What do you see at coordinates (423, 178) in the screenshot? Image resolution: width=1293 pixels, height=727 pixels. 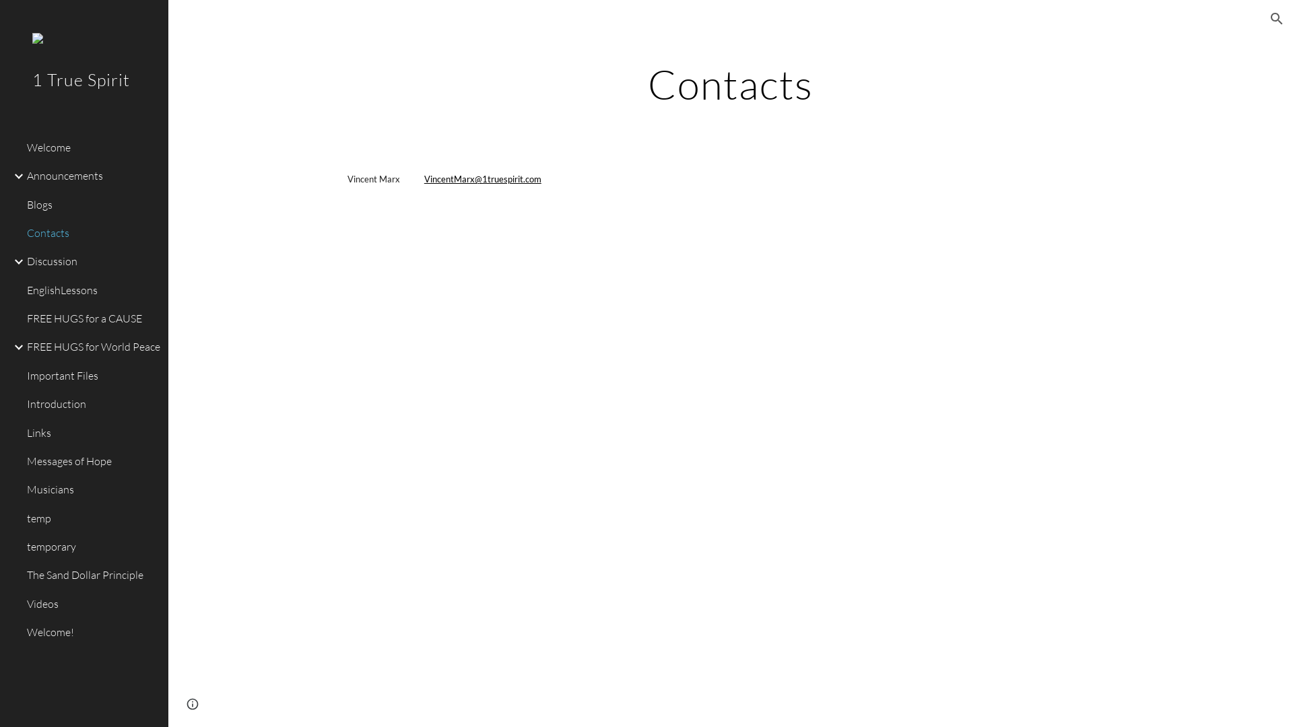 I see `'VincentMarx@1truespirit.com'` at bounding box center [423, 178].